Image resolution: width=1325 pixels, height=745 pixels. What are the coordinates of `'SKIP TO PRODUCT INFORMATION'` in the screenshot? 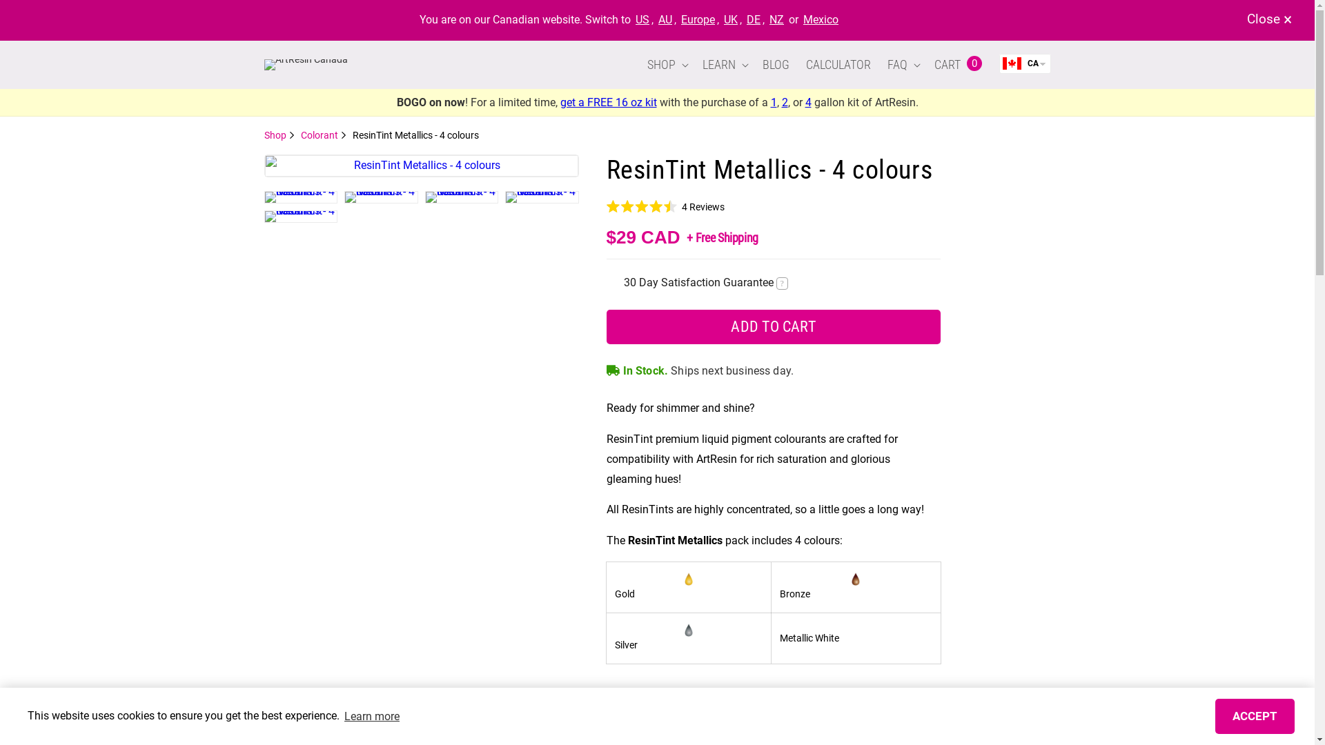 It's located at (274, 161).